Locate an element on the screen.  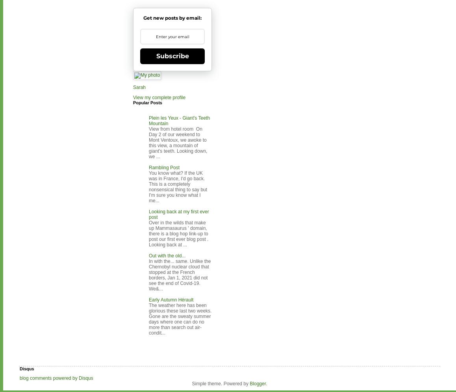
'Sarah' is located at coordinates (139, 87).